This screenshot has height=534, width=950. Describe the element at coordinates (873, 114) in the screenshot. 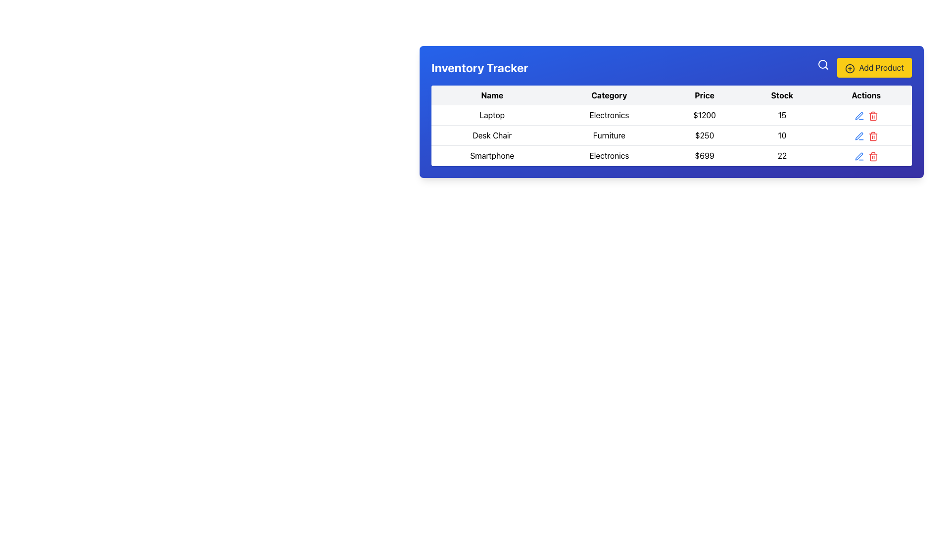

I see `the red trash can icon in the 'Actions' column of the table` at that location.